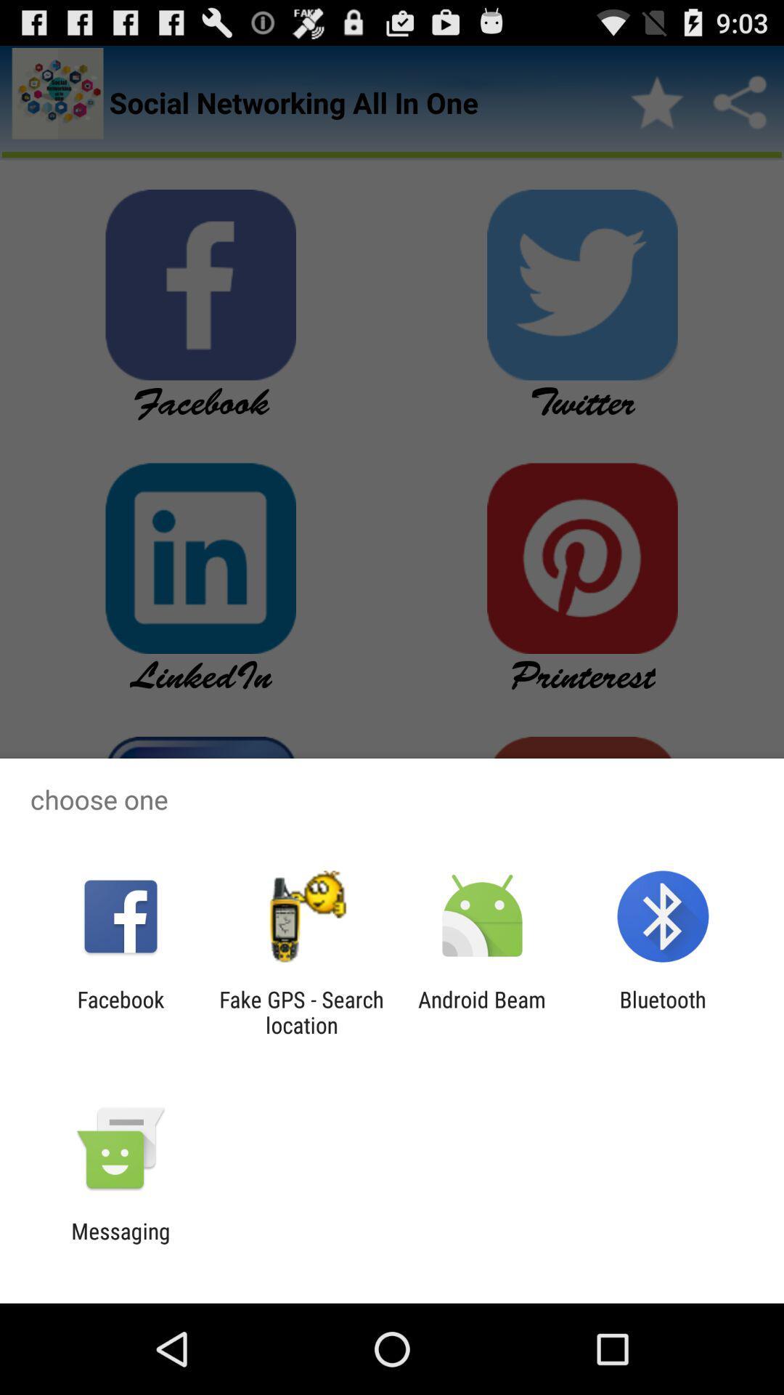 Image resolution: width=784 pixels, height=1395 pixels. What do you see at coordinates (301, 1011) in the screenshot?
I see `fake gps search item` at bounding box center [301, 1011].